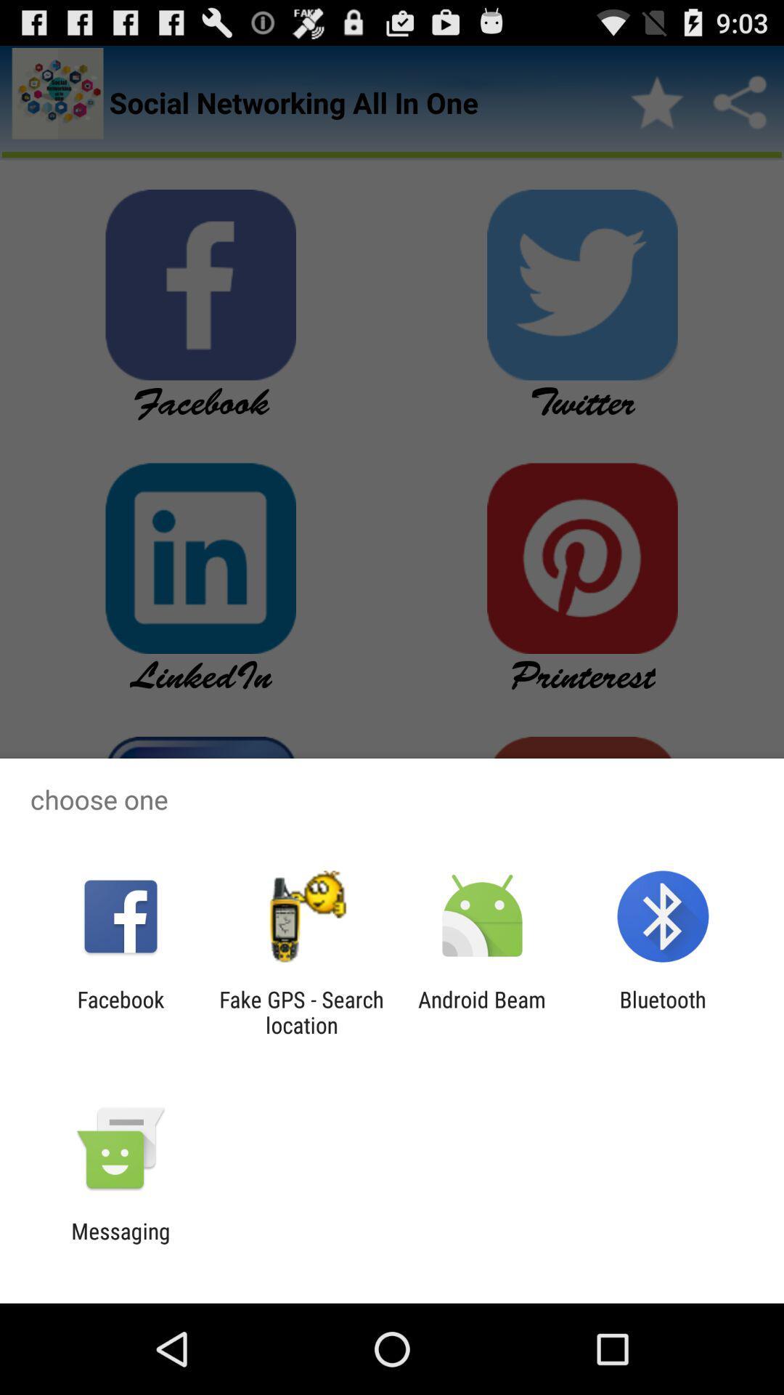 Image resolution: width=784 pixels, height=1395 pixels. What do you see at coordinates (301, 1011) in the screenshot?
I see `fake gps search item` at bounding box center [301, 1011].